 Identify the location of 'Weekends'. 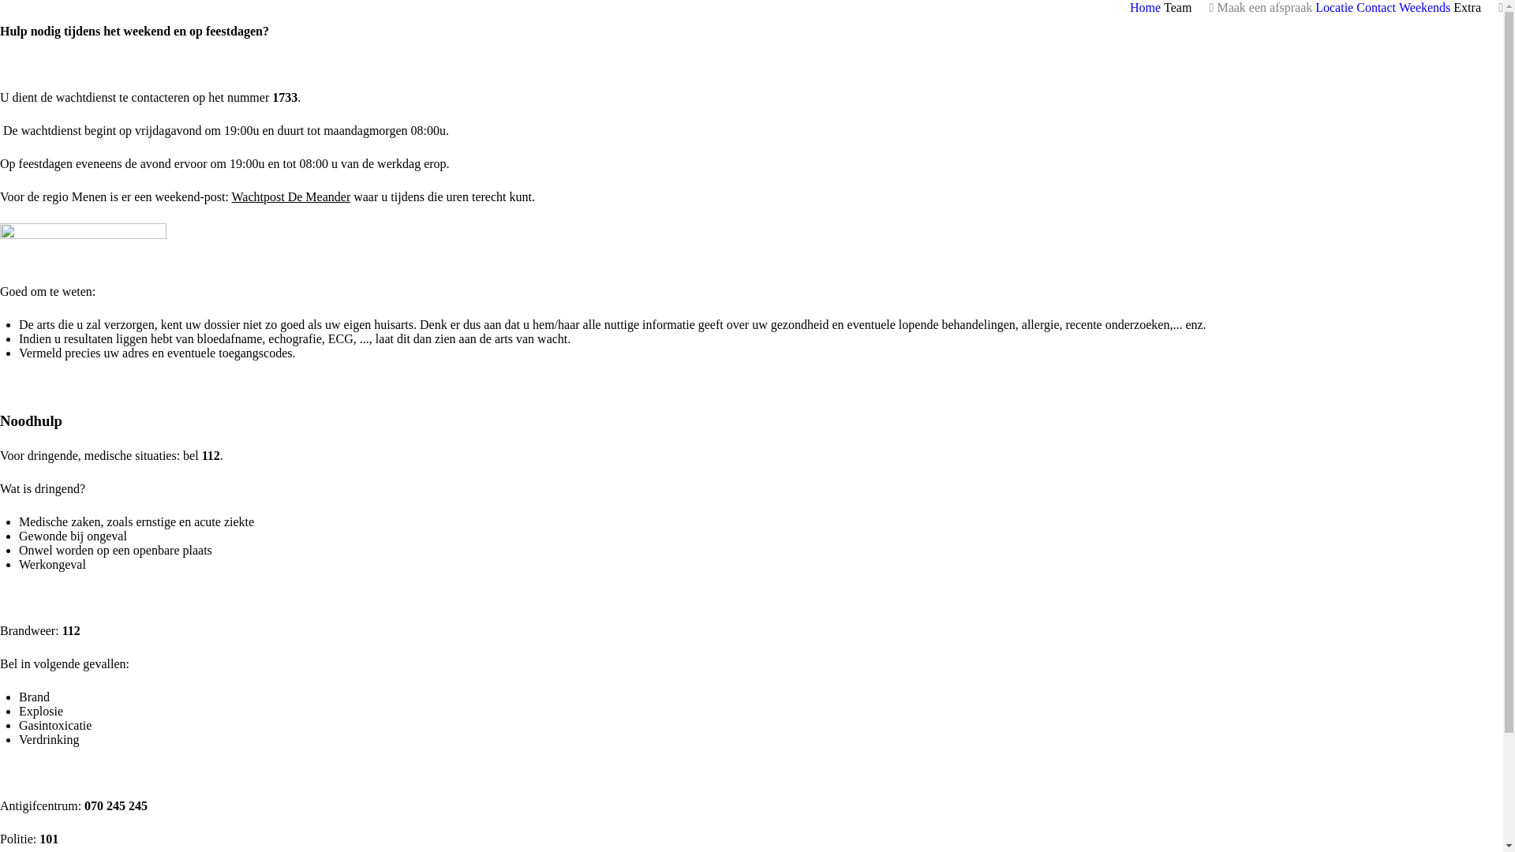
(1398, 7).